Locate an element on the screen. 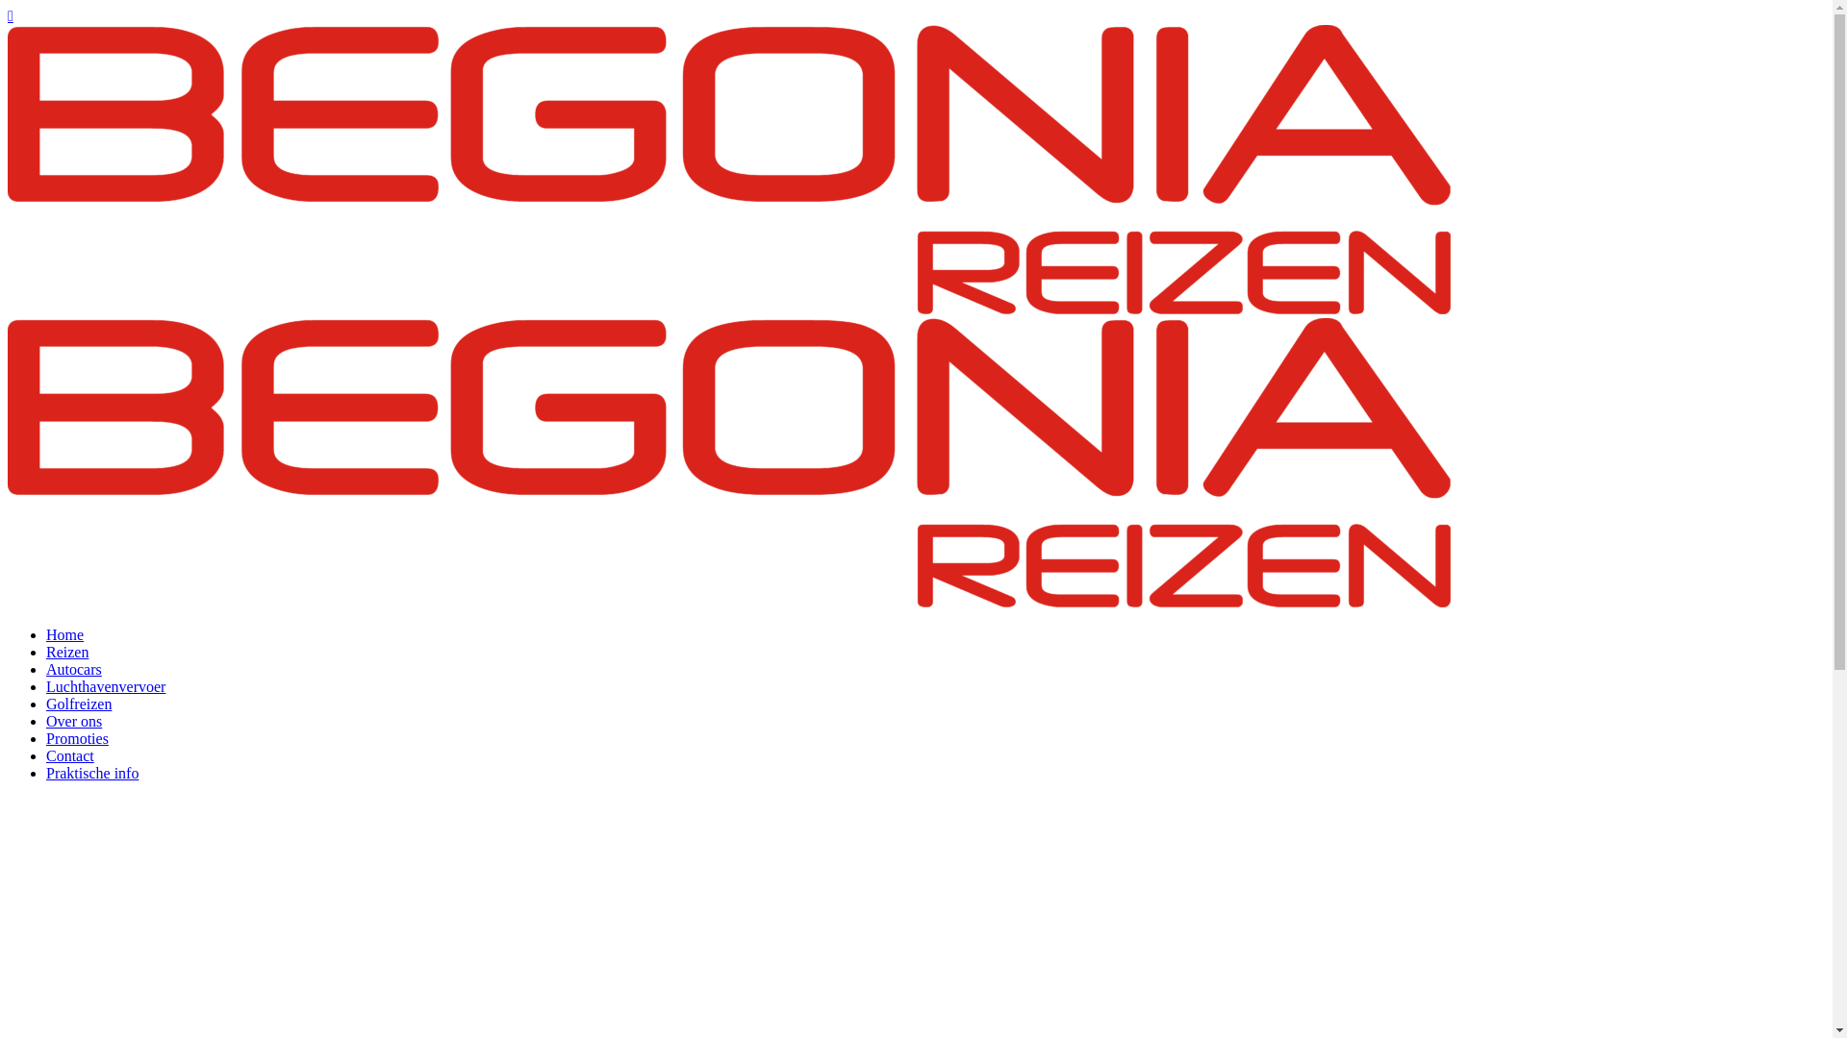  'Home' is located at coordinates (64, 634).